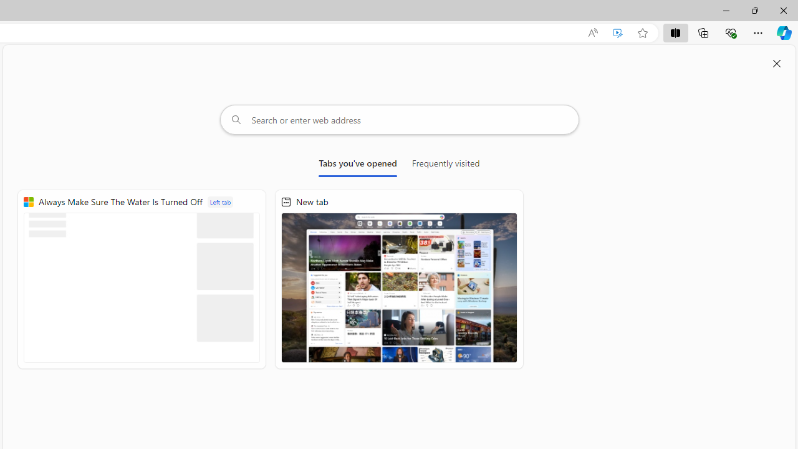  What do you see at coordinates (730, 32) in the screenshot?
I see `'Browser essentials'` at bounding box center [730, 32].